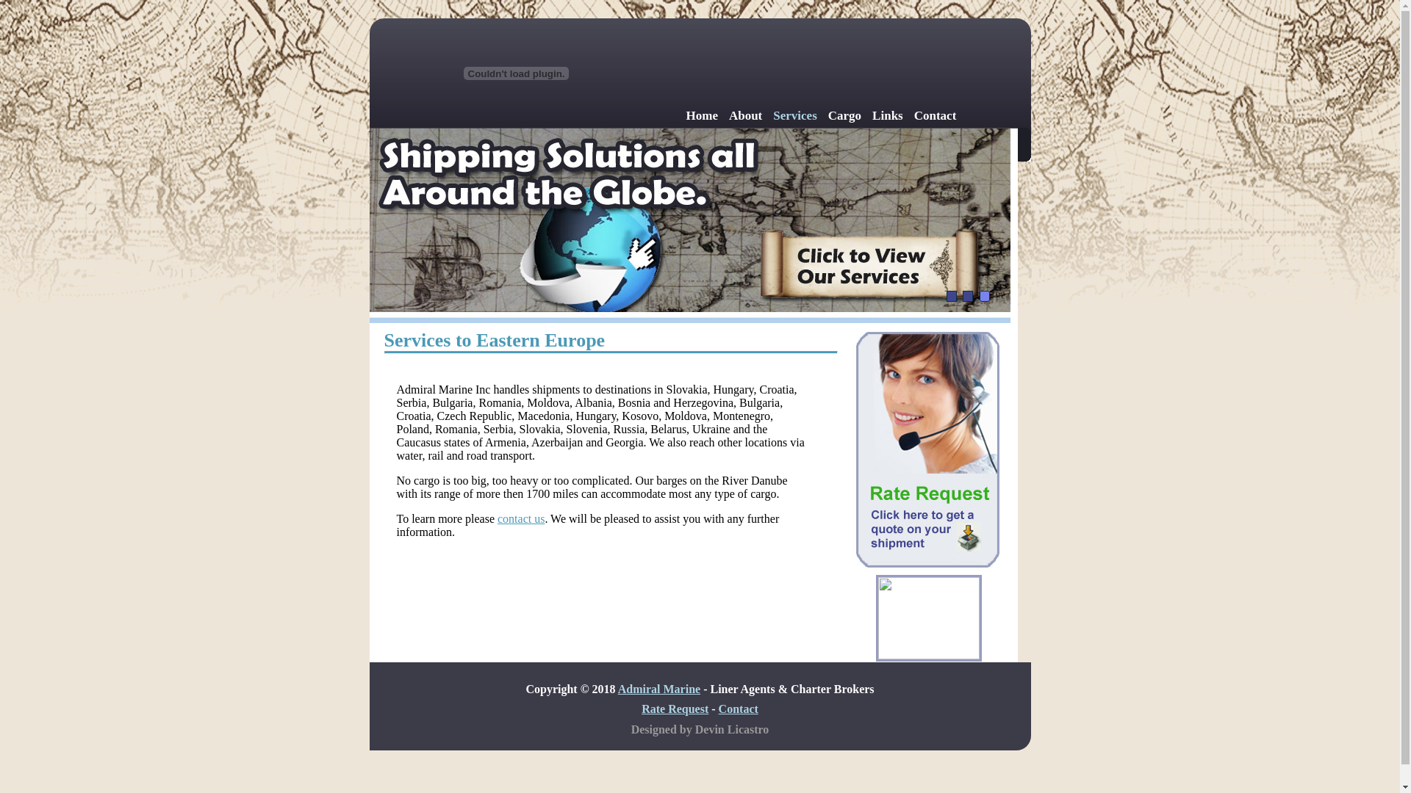  What do you see at coordinates (887, 115) in the screenshot?
I see `'Links'` at bounding box center [887, 115].